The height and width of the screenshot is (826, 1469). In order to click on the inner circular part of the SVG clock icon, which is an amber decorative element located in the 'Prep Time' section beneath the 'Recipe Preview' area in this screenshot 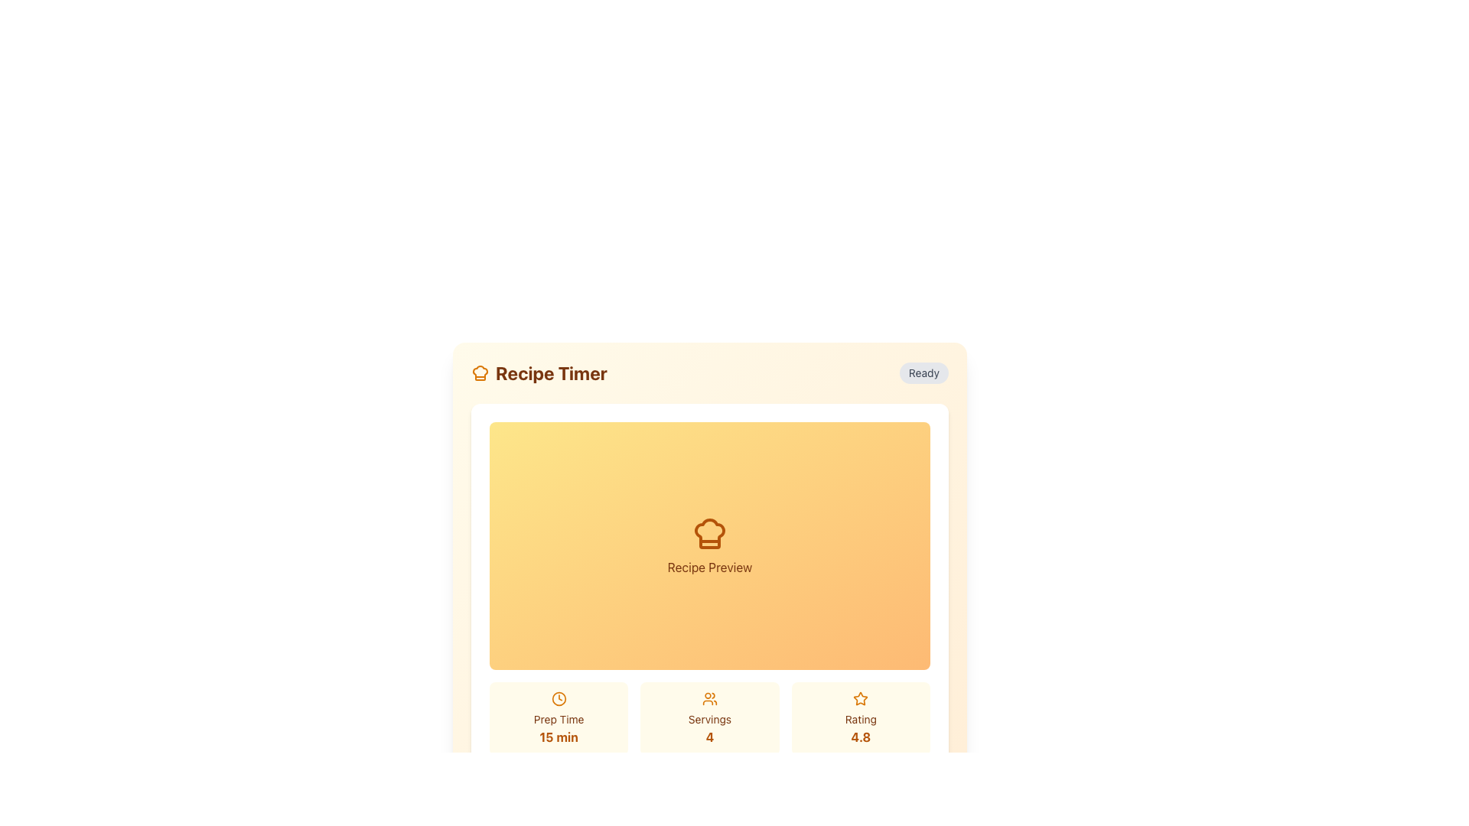, I will do `click(558, 699)`.